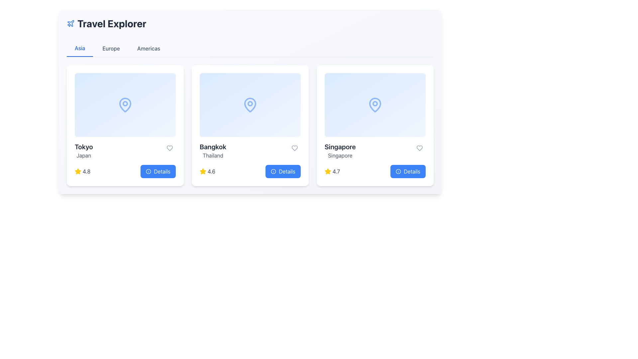 Image resolution: width=638 pixels, height=359 pixels. I want to click on the golden star-shaped icon located inside the panel for 'Tokyo, Japan' under the 'Asia' section, so click(78, 171).